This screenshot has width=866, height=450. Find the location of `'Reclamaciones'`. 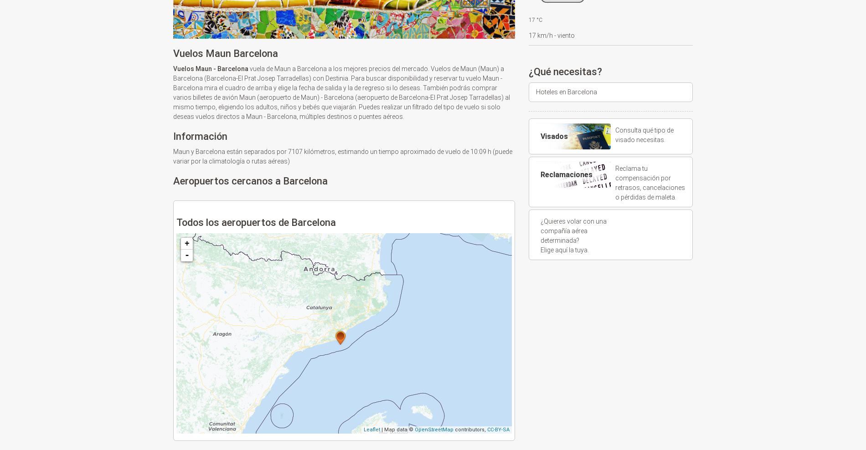

'Reclamaciones' is located at coordinates (566, 174).